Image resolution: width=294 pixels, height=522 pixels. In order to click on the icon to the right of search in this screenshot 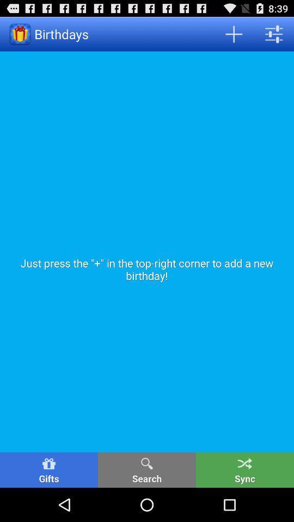, I will do `click(244, 469)`.